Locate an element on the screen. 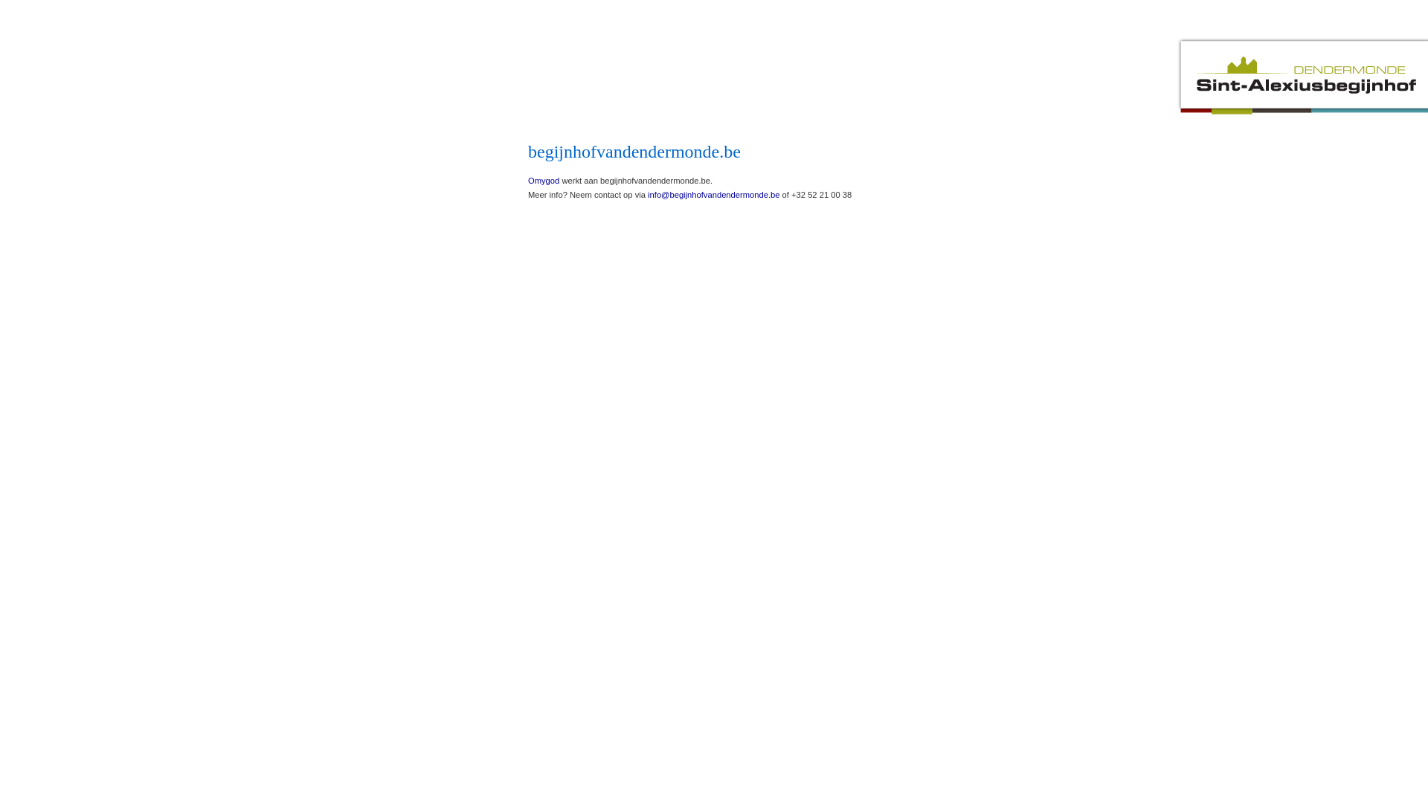 This screenshot has height=803, width=1428. 'Omygod' is located at coordinates (542, 180).